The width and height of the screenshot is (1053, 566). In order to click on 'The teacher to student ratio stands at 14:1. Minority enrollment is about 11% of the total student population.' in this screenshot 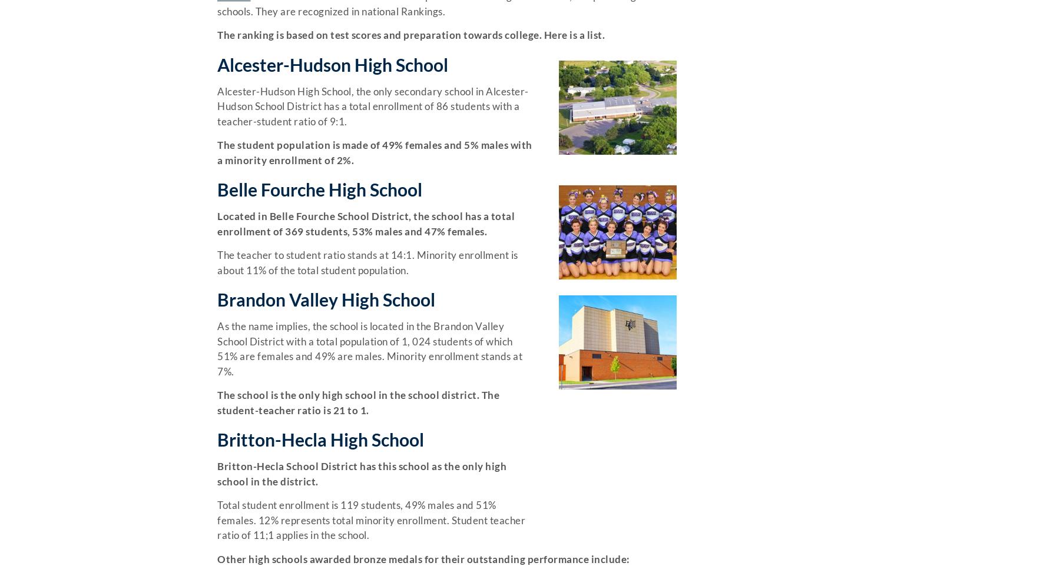, I will do `click(367, 262)`.